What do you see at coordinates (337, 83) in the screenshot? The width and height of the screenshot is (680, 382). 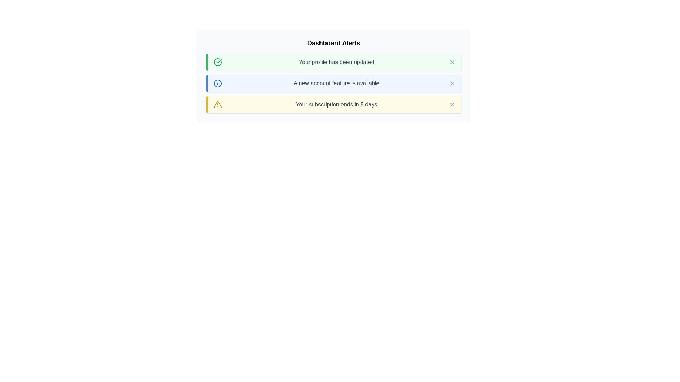 I see `the text label displaying 'A new account feature is available.' which is centered in the second notification pane of the 'Dashboard Alerts' section` at bounding box center [337, 83].